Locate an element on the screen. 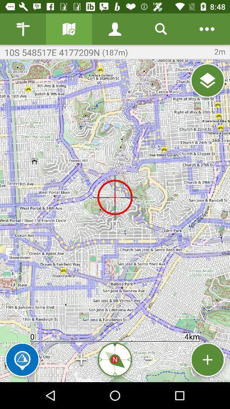 This screenshot has height=409, width=230. location is located at coordinates (207, 359).